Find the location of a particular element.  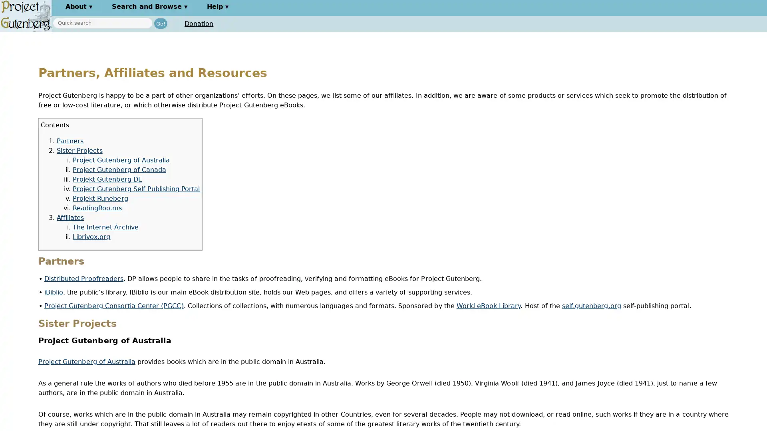

Go! is located at coordinates (160, 23).